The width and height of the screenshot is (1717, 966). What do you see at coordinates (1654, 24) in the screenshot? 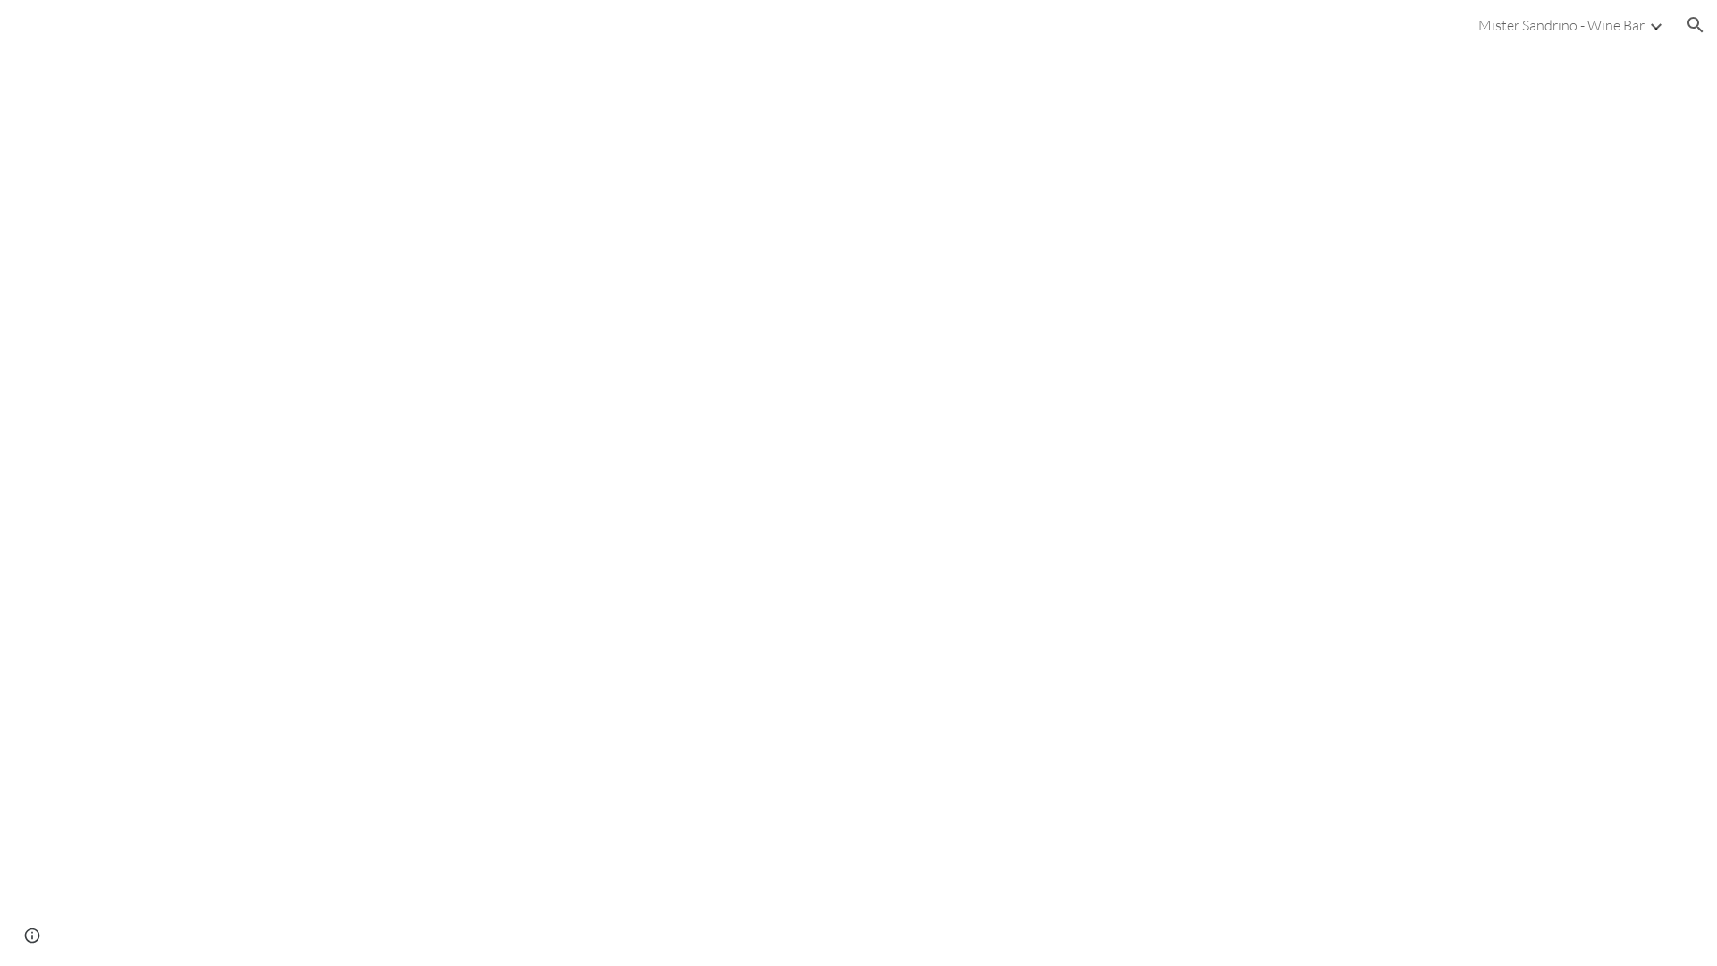
I see `'Expand/Collapse'` at bounding box center [1654, 24].